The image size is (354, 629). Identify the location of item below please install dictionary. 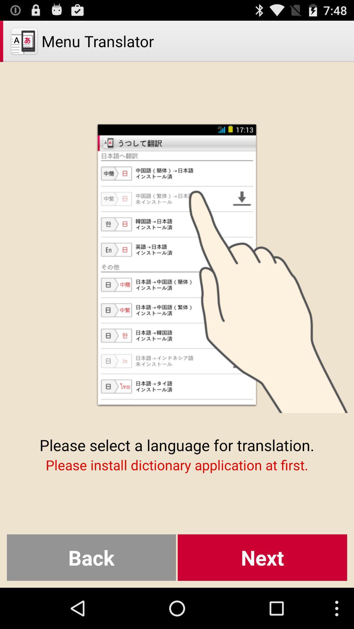
(262, 557).